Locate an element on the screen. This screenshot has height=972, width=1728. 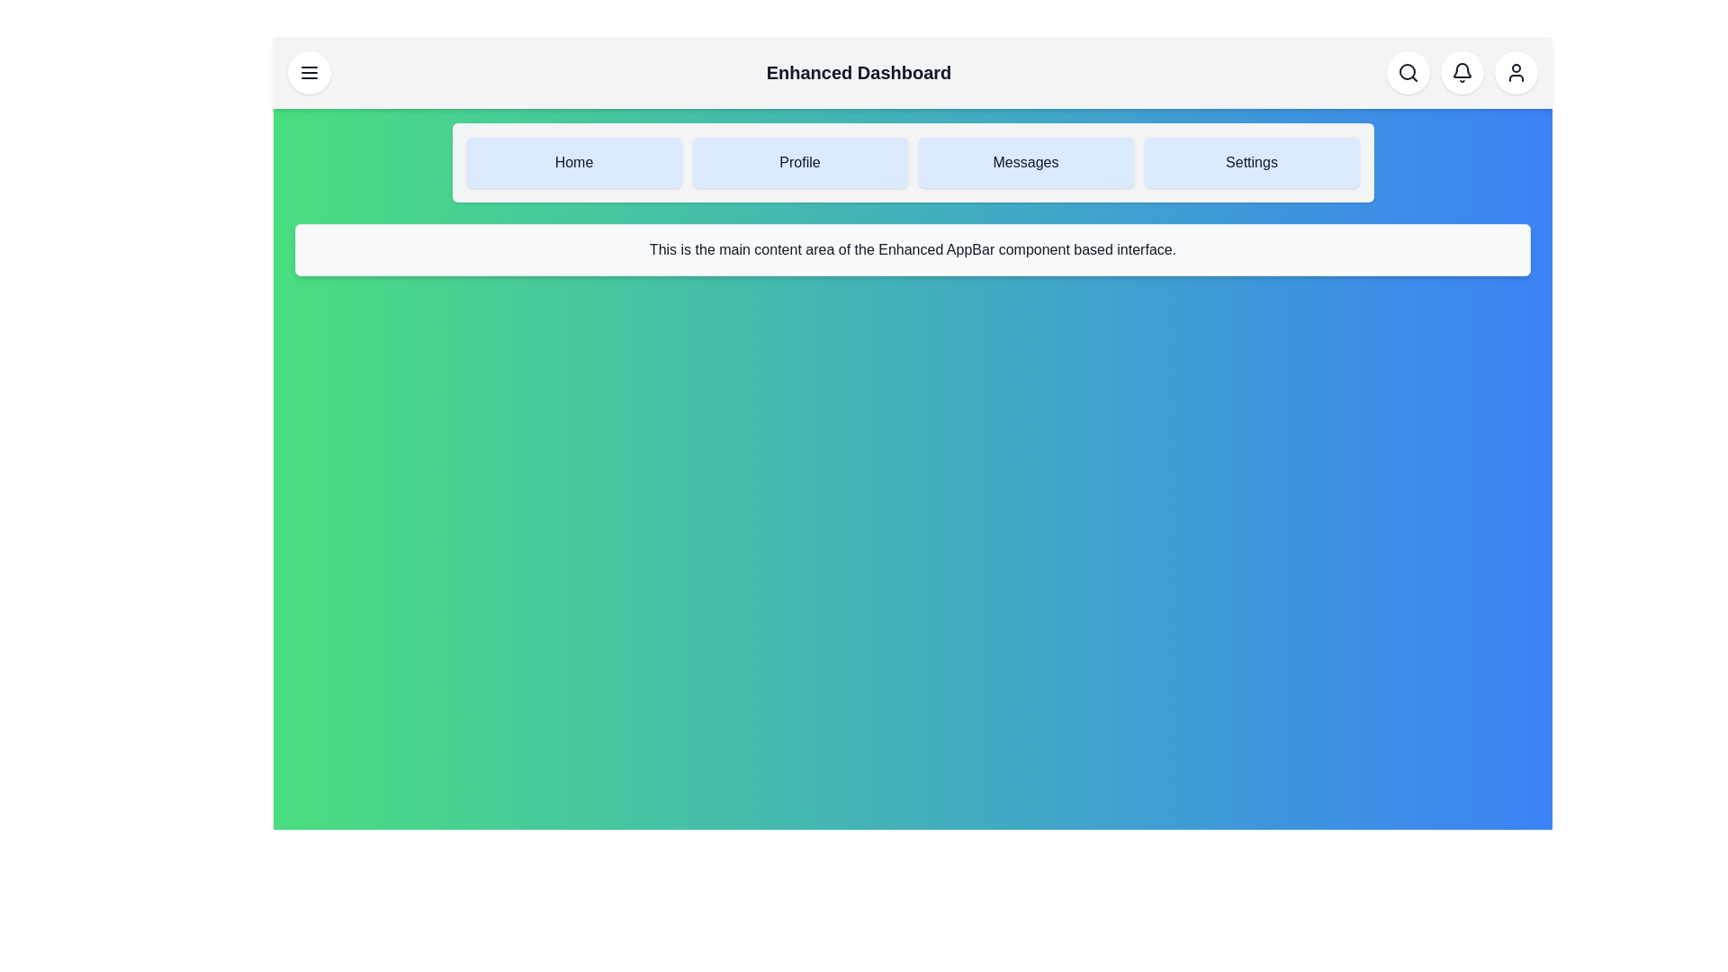
the menu toggle button to toggle the menu visibility is located at coordinates (310, 72).